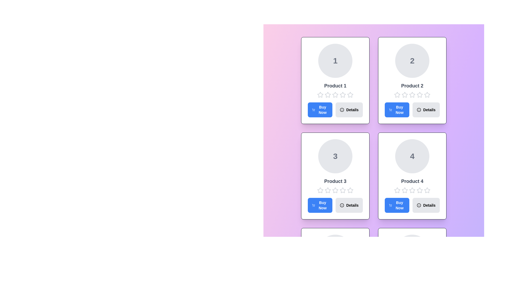 The height and width of the screenshot is (288, 513). I want to click on the rating for a product to 2 stars, so click(328, 94).